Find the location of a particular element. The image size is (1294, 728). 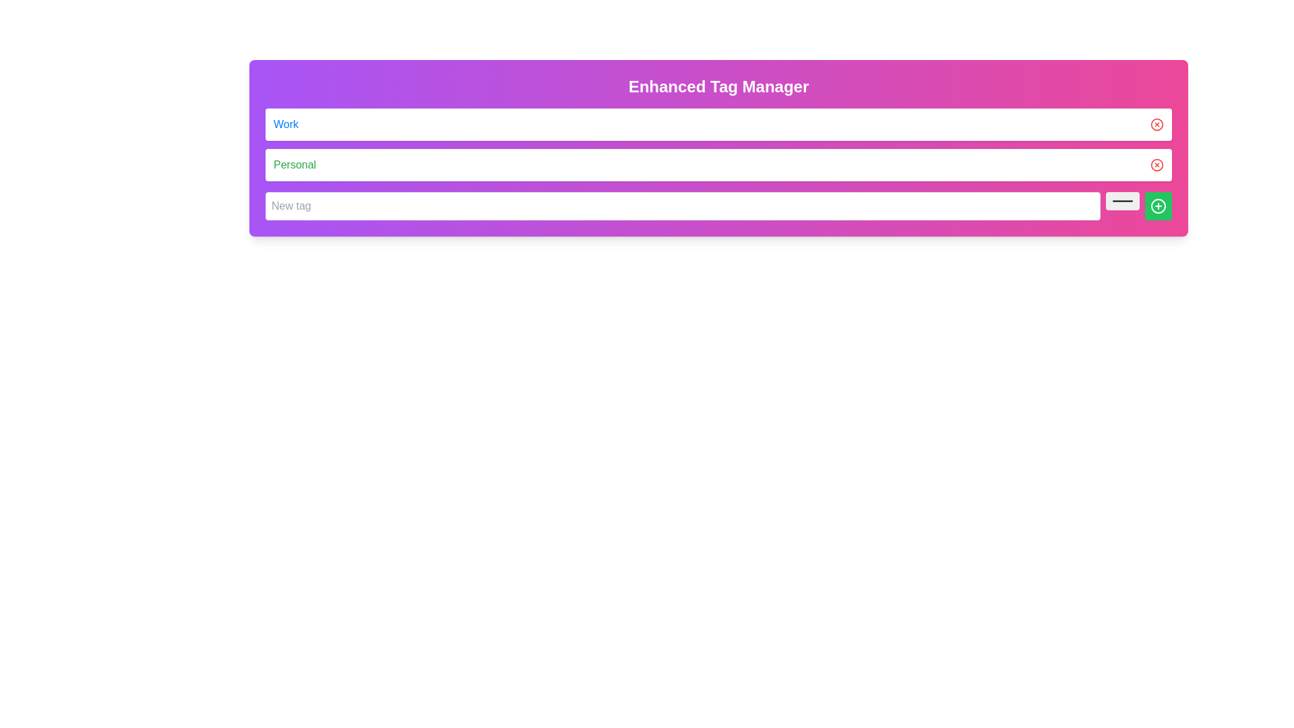

the button that adds or inserts a new item, located to the far right of the controls, adjacent to a color picker input field, to observe any visual feedback effects is located at coordinates (1157, 206).